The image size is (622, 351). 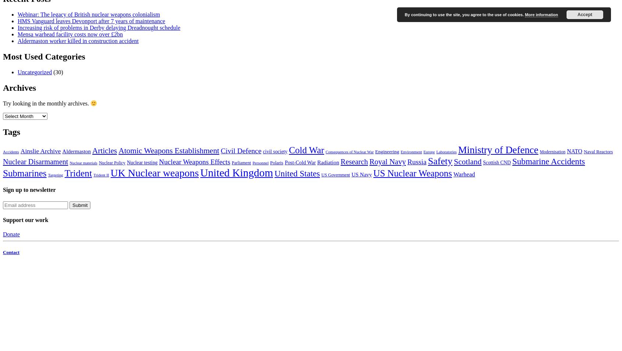 What do you see at coordinates (340, 161) in the screenshot?
I see `'Research'` at bounding box center [340, 161].